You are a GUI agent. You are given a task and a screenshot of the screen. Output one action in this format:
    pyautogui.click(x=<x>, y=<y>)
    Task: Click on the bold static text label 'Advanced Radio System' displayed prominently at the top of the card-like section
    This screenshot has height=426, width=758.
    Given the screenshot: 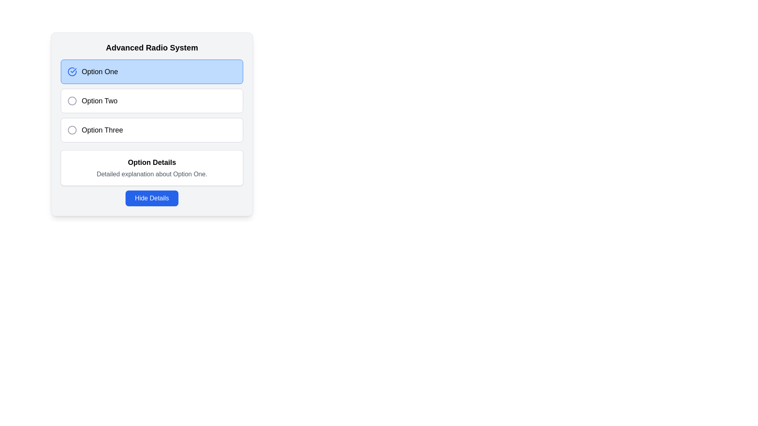 What is the action you would take?
    pyautogui.click(x=152, y=47)
    